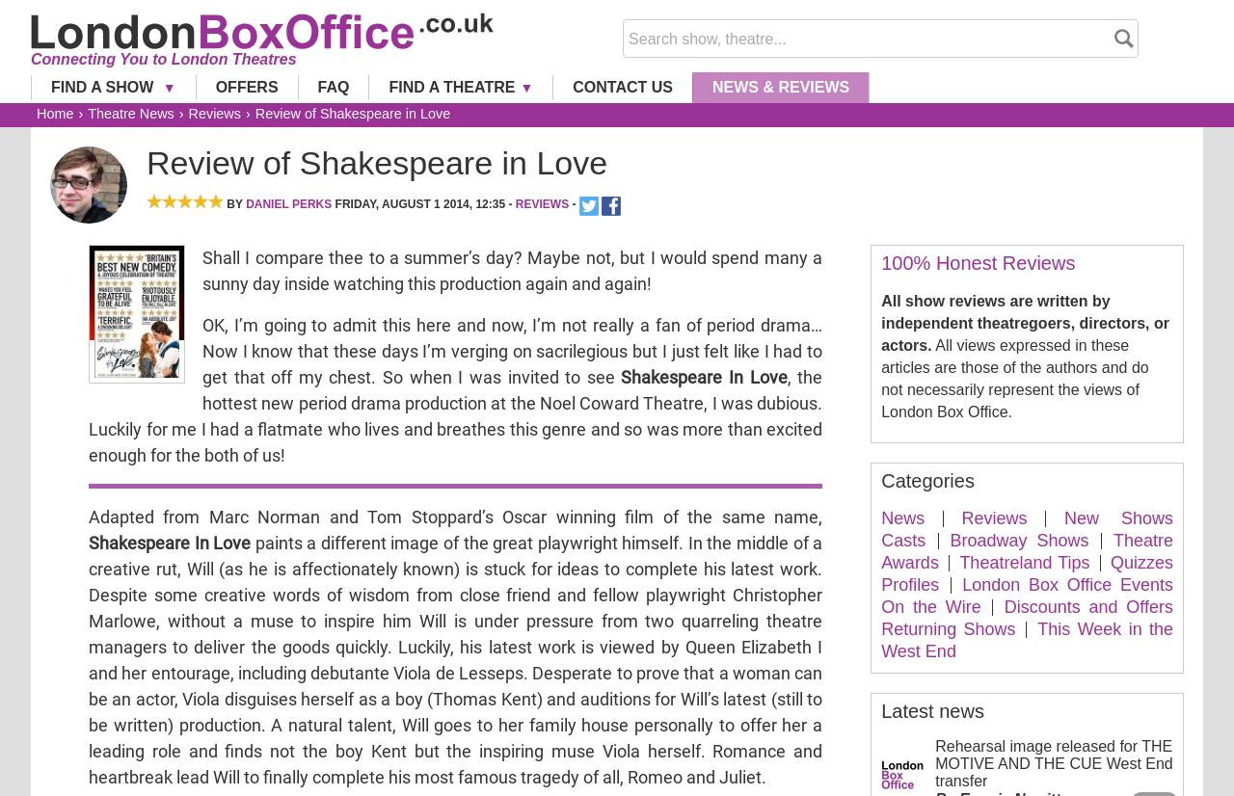 This screenshot has height=796, width=1234. I want to click on 'Returning Shows', so click(948, 627).